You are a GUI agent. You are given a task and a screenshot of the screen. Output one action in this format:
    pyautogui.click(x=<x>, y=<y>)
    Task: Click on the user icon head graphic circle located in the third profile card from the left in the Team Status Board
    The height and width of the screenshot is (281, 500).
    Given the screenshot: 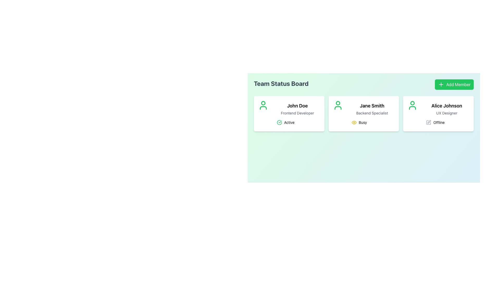 What is the action you would take?
    pyautogui.click(x=412, y=103)
    